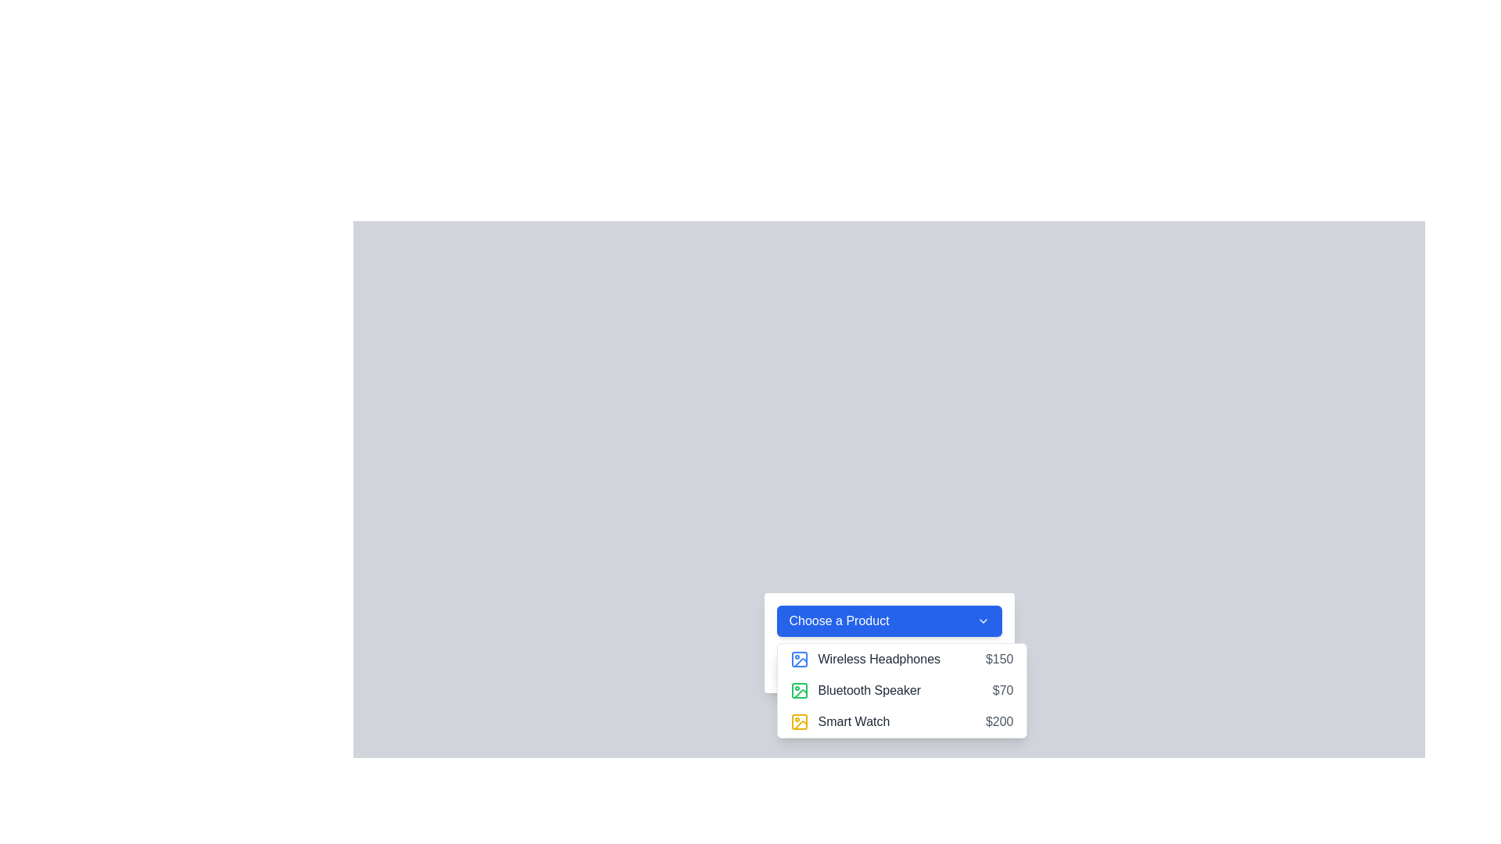  What do you see at coordinates (864, 660) in the screenshot?
I see `the first list item with the text 'Wireless Headphones' and icon in the dropdown of selectable products under the 'Choose a Product' label` at bounding box center [864, 660].